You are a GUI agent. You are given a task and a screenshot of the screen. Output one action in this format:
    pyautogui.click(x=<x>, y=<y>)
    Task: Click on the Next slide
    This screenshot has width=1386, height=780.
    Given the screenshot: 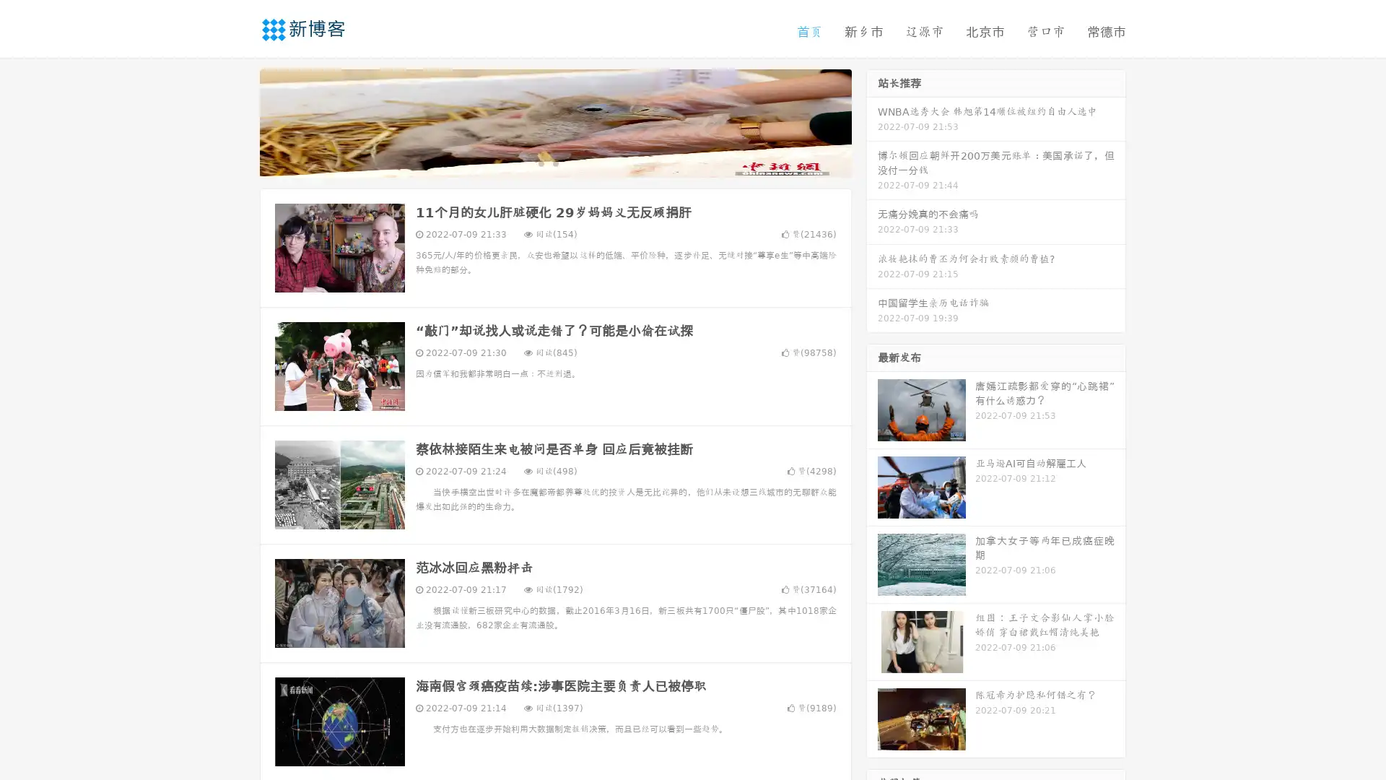 What is the action you would take?
    pyautogui.click(x=872, y=121)
    